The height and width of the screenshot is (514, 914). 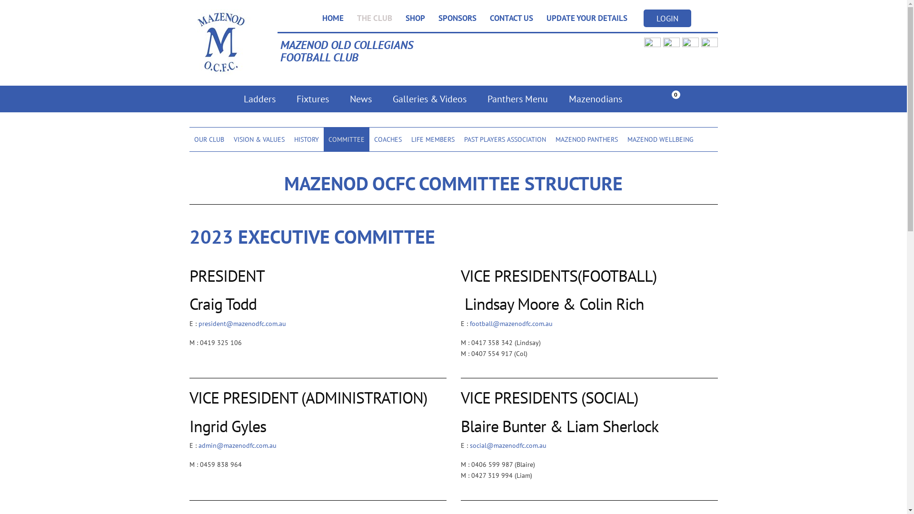 What do you see at coordinates (381, 99) in the screenshot?
I see `'Galleries & Videos'` at bounding box center [381, 99].